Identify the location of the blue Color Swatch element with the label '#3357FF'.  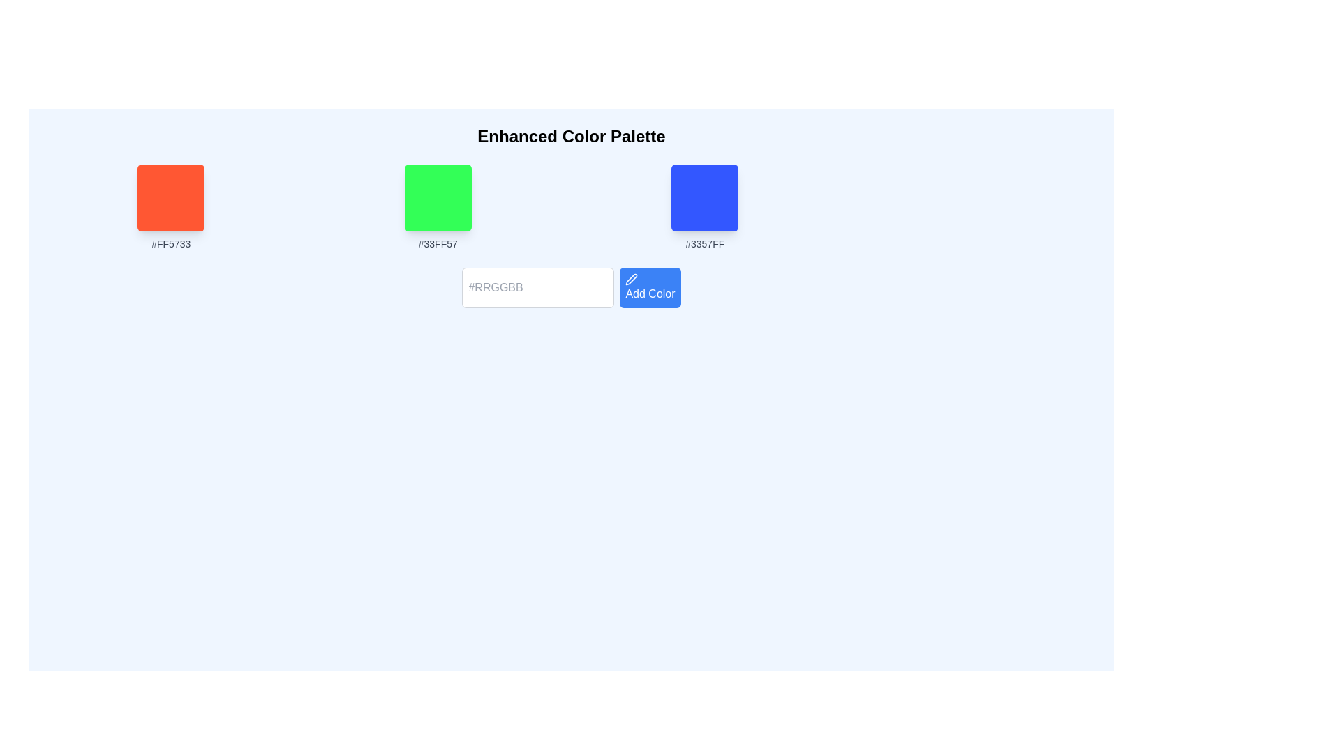
(705, 207).